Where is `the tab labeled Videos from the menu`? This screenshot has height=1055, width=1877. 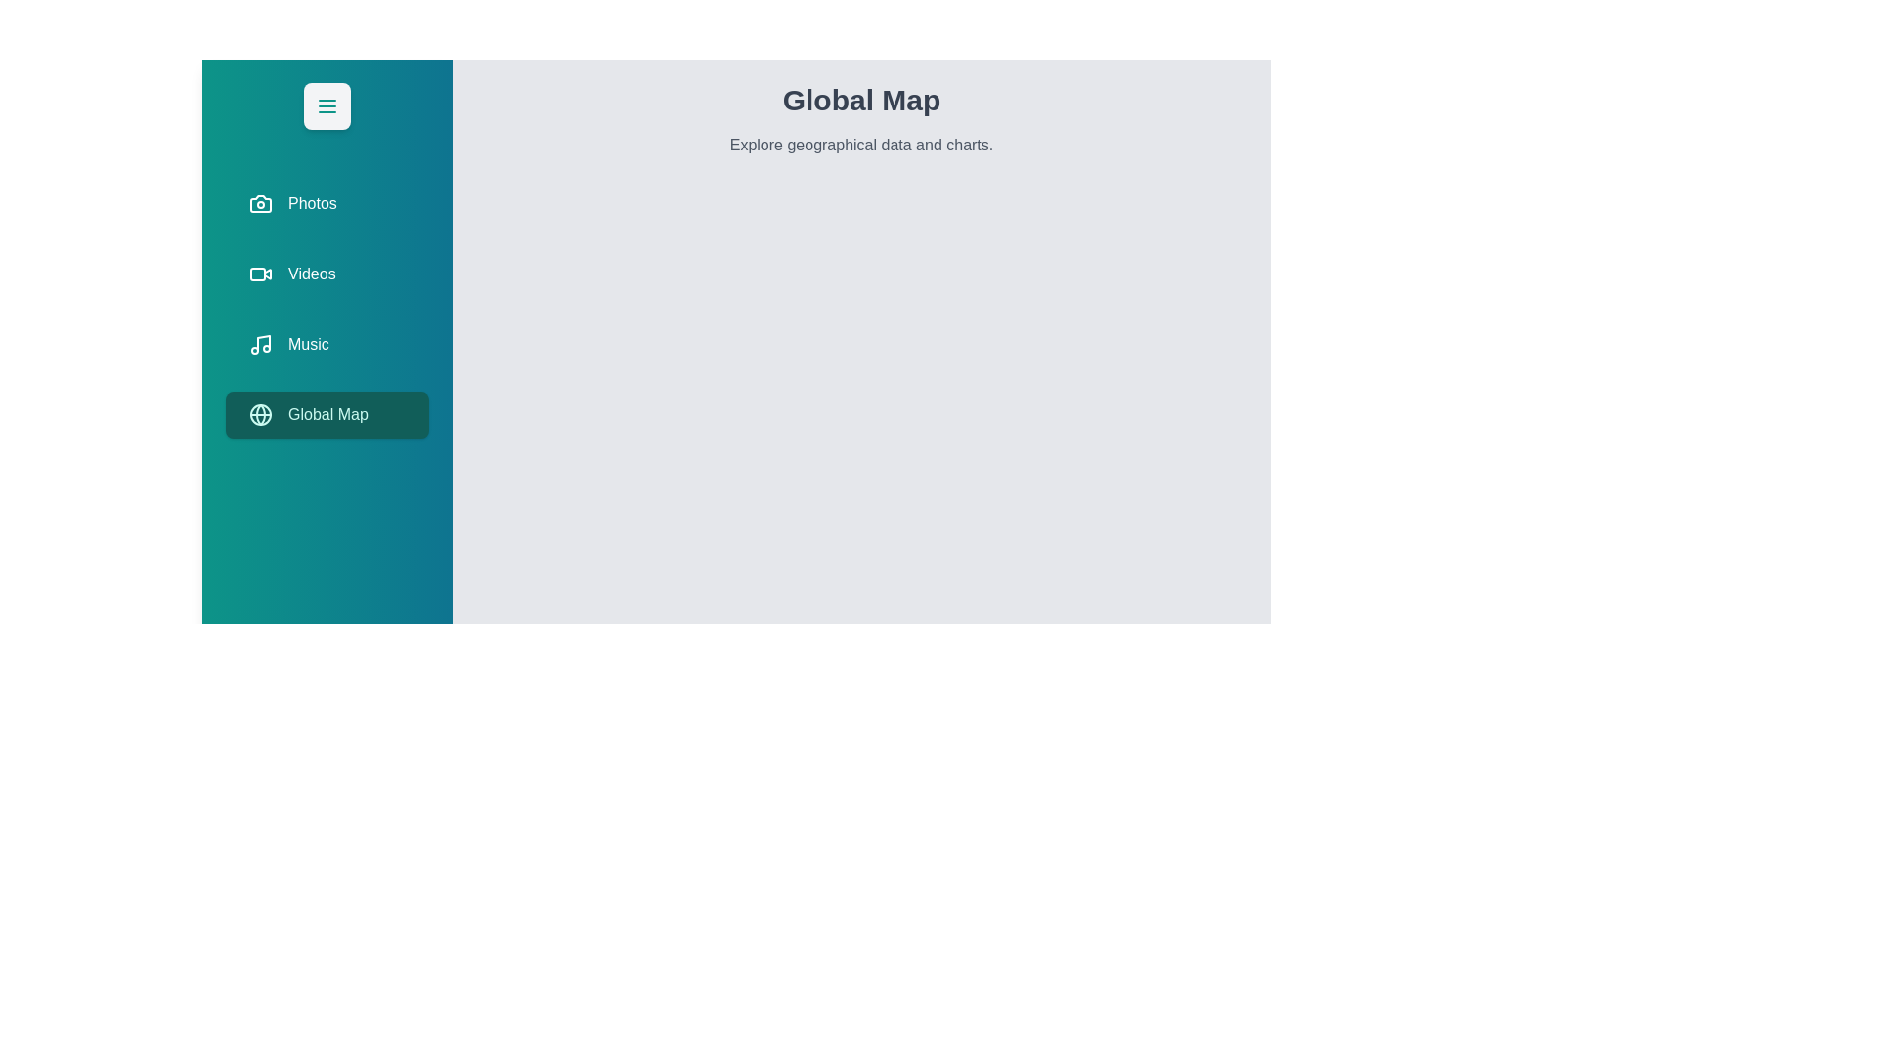 the tab labeled Videos from the menu is located at coordinates (327, 274).